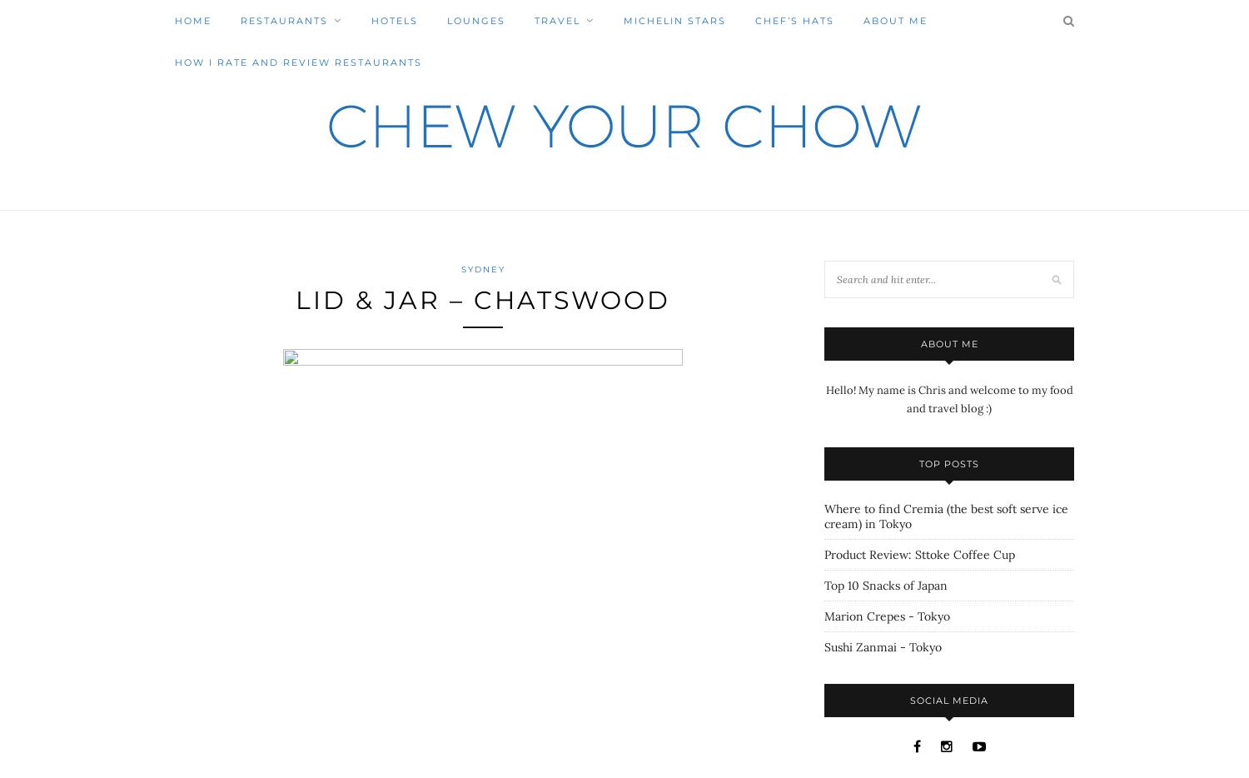  I want to click on 'Sydney', so click(481, 268).